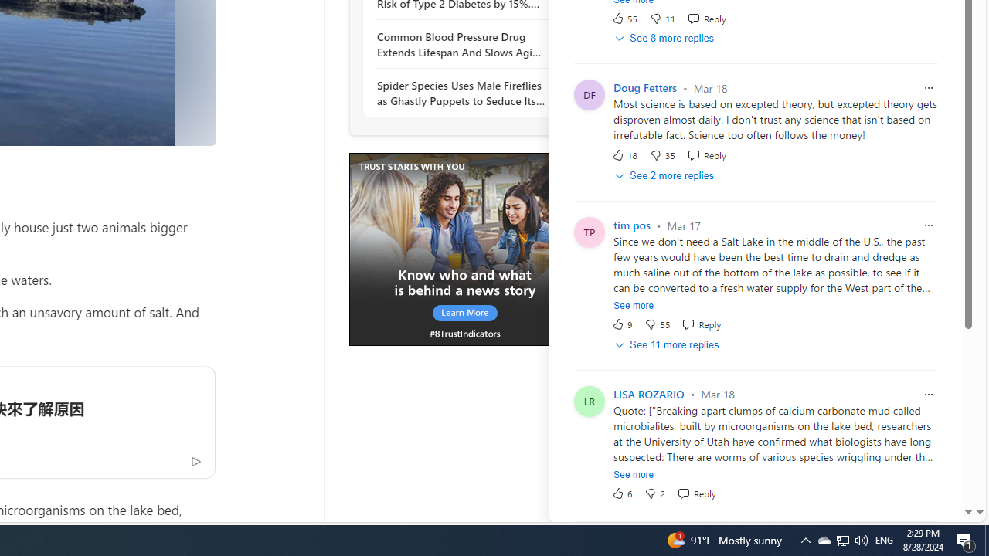 This screenshot has height=556, width=989. I want to click on 'See 11 more replies', so click(668, 344).